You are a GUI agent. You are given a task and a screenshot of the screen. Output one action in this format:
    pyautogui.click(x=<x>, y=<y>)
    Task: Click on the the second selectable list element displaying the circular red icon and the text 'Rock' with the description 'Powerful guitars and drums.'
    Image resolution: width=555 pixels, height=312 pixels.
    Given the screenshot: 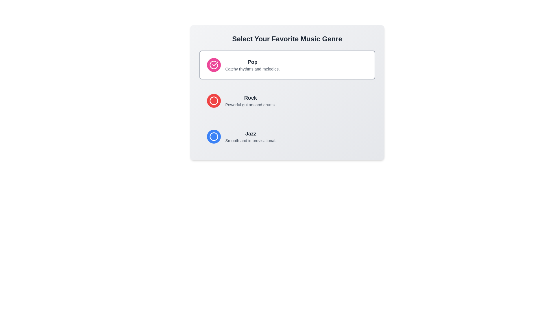 What is the action you would take?
    pyautogui.click(x=287, y=100)
    